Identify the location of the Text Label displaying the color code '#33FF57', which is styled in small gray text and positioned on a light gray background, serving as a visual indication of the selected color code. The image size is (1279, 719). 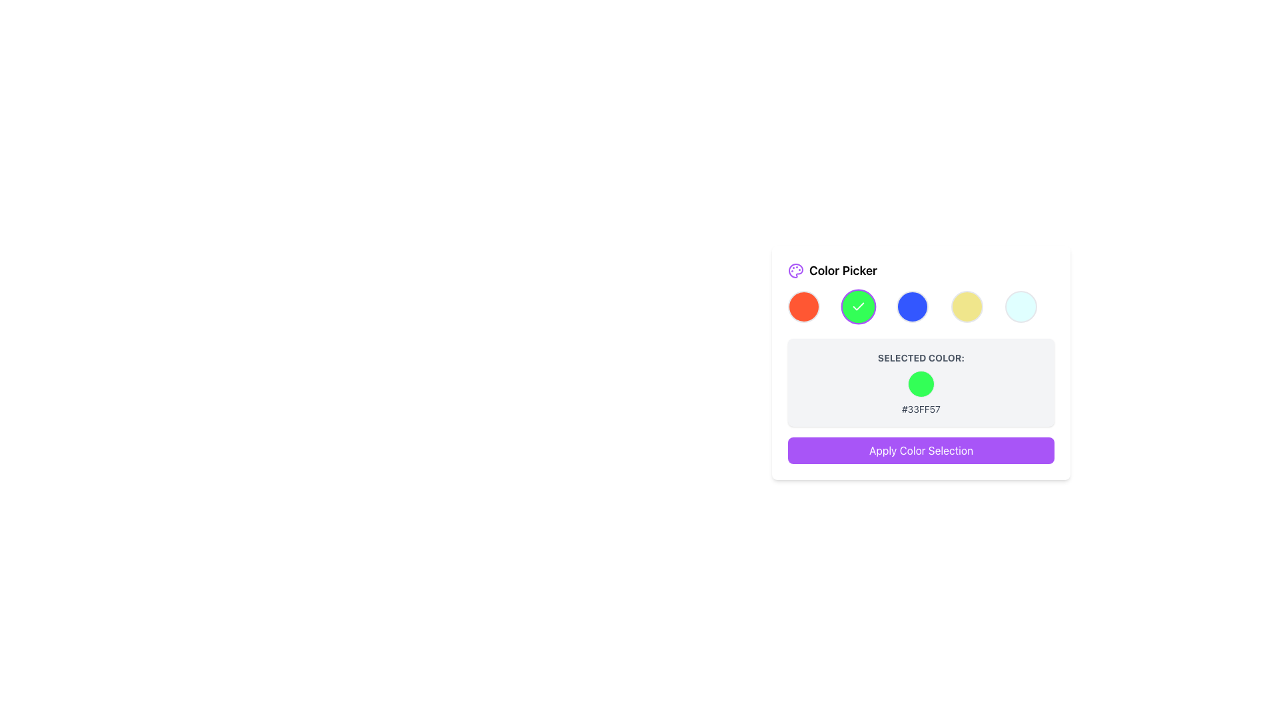
(920, 408).